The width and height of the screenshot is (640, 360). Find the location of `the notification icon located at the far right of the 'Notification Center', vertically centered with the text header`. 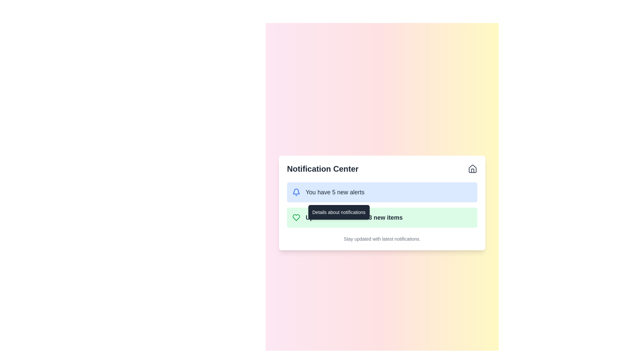

the notification icon located at the far right of the 'Notification Center', vertically centered with the text header is located at coordinates (472, 168).